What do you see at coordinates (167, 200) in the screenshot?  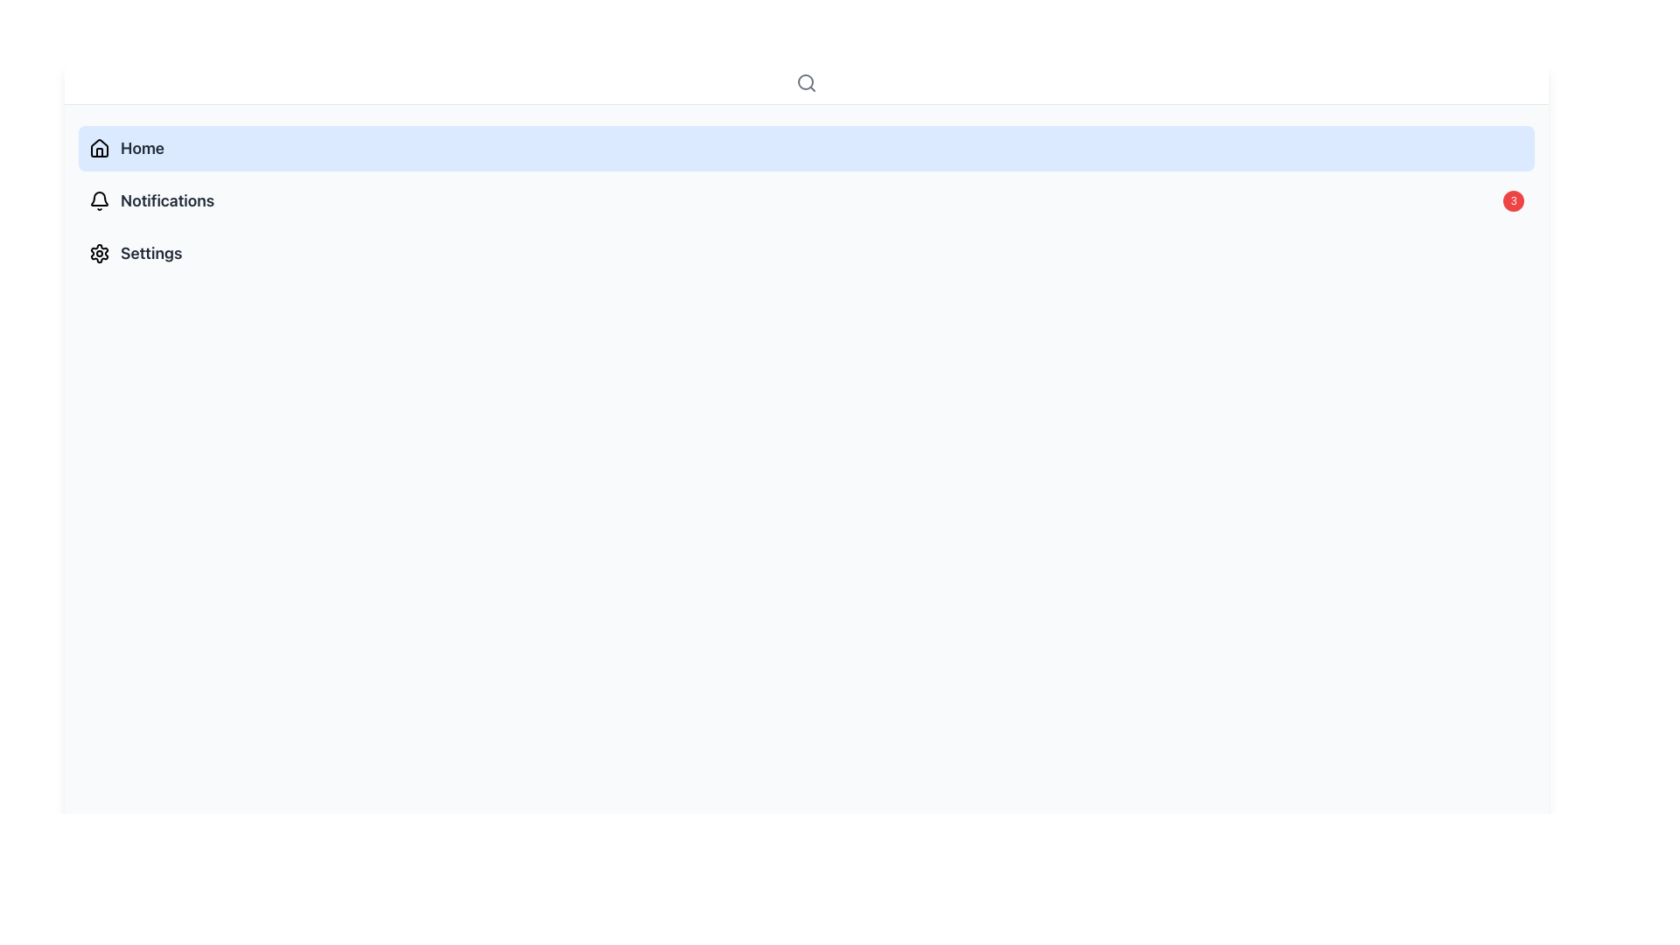 I see `the text label in the sidebar menu that directs to the notifications page, positioned below 'Home' and above 'Settings'` at bounding box center [167, 200].